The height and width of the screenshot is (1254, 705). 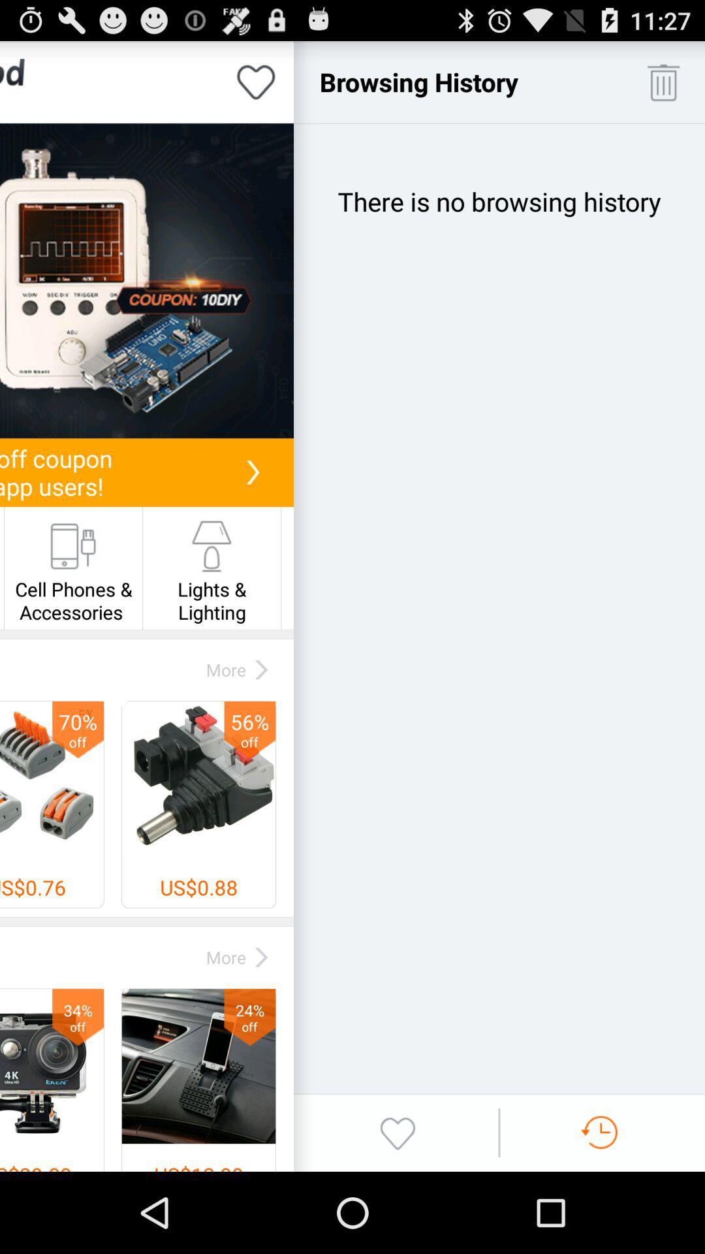 What do you see at coordinates (663, 87) in the screenshot?
I see `the delete icon` at bounding box center [663, 87].